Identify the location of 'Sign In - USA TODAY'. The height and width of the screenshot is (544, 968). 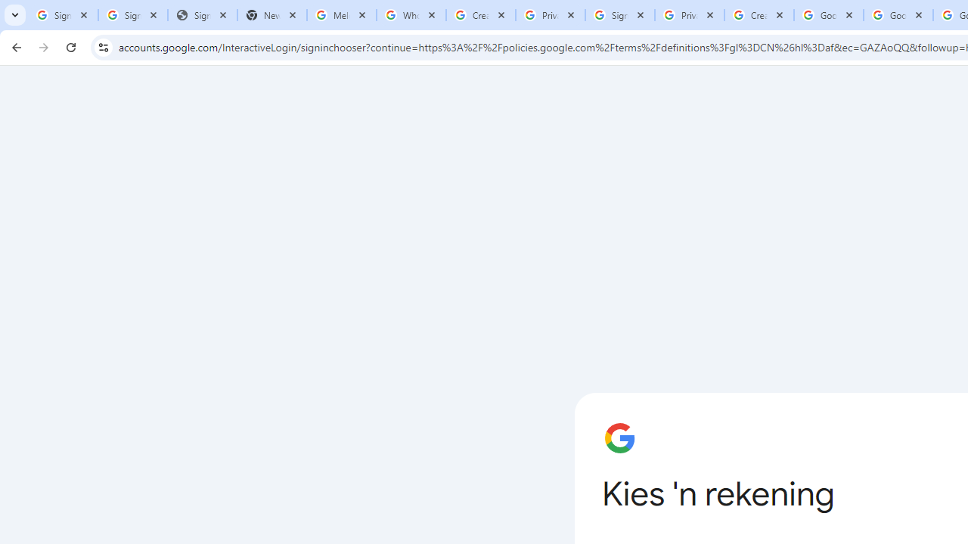
(201, 15).